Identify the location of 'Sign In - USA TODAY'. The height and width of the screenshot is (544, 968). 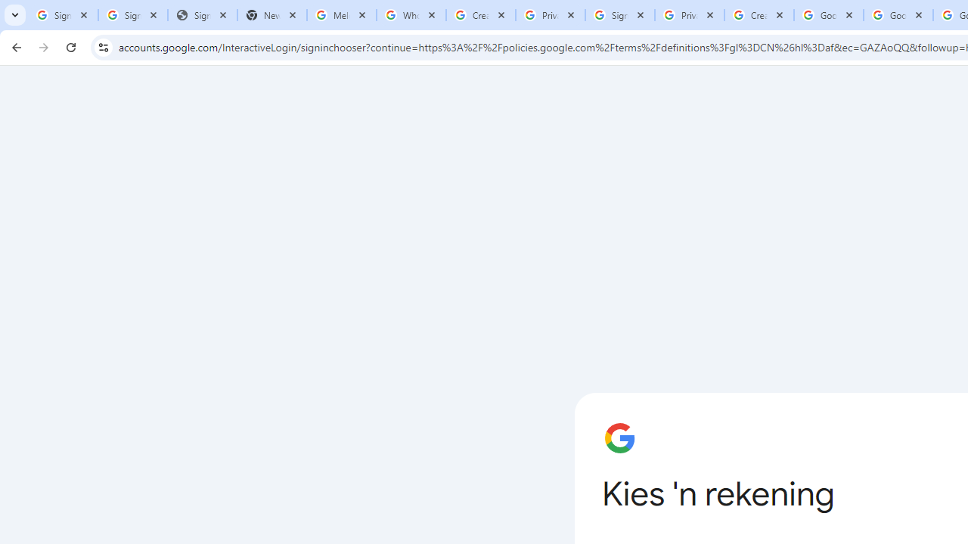
(201, 15).